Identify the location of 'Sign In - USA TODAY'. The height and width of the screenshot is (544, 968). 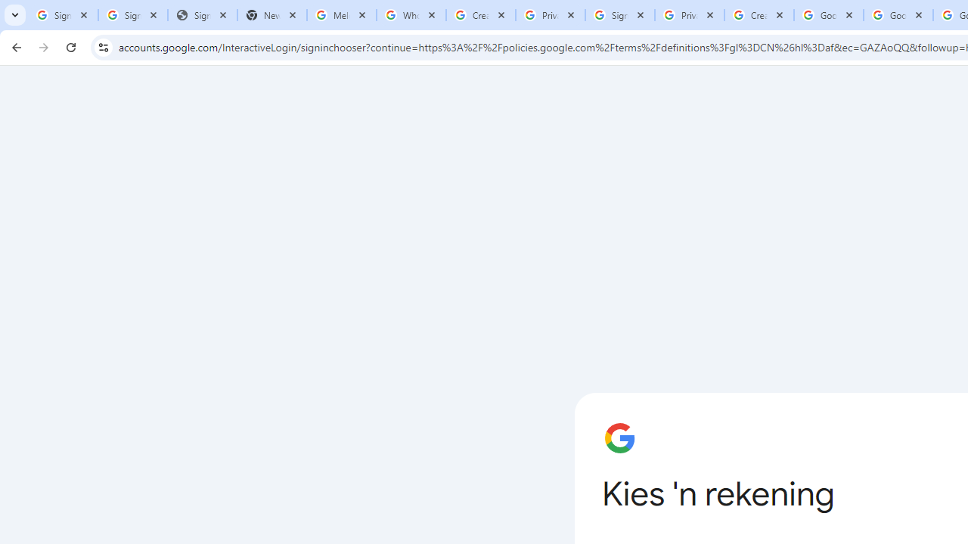
(201, 15).